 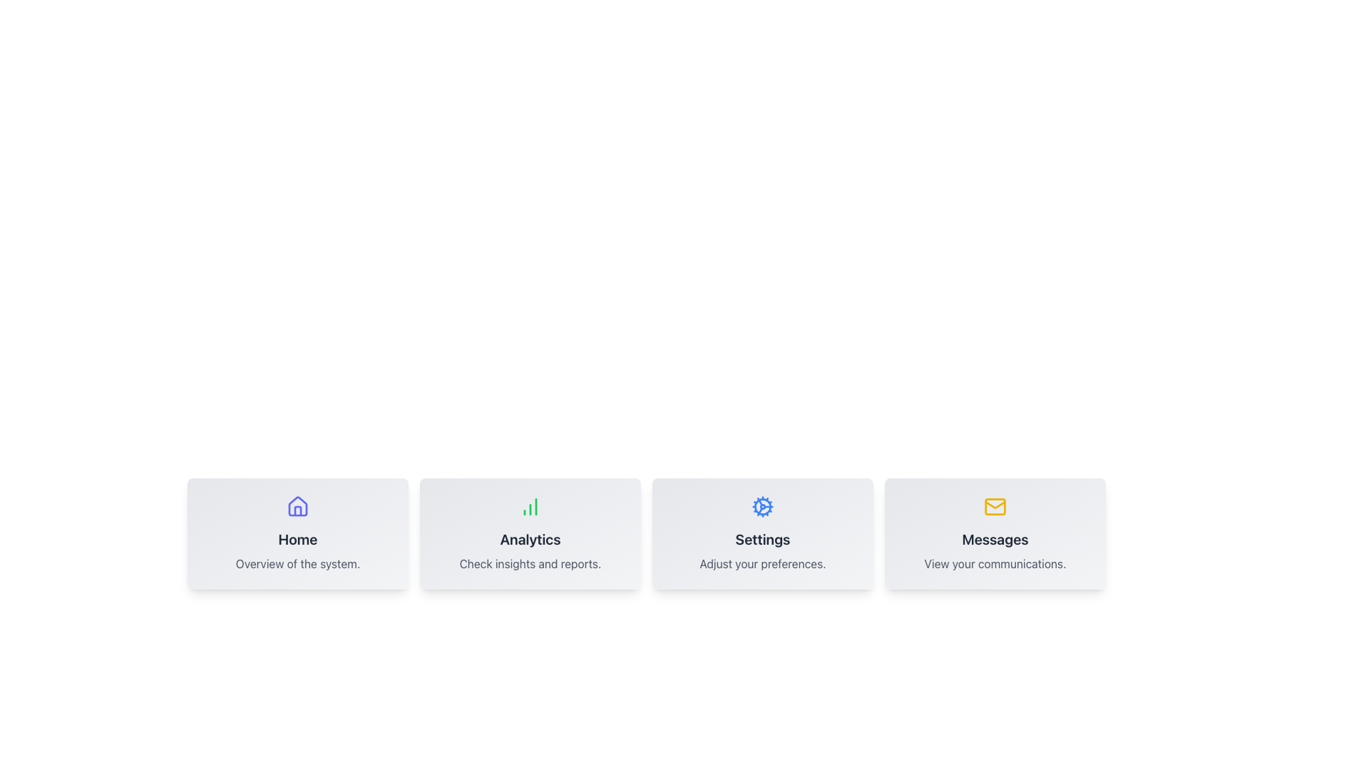 What do you see at coordinates (297, 563) in the screenshot?
I see `the text label that displays 'Overview of the system.' located under the 'Home' title within the card-like UI block` at bounding box center [297, 563].